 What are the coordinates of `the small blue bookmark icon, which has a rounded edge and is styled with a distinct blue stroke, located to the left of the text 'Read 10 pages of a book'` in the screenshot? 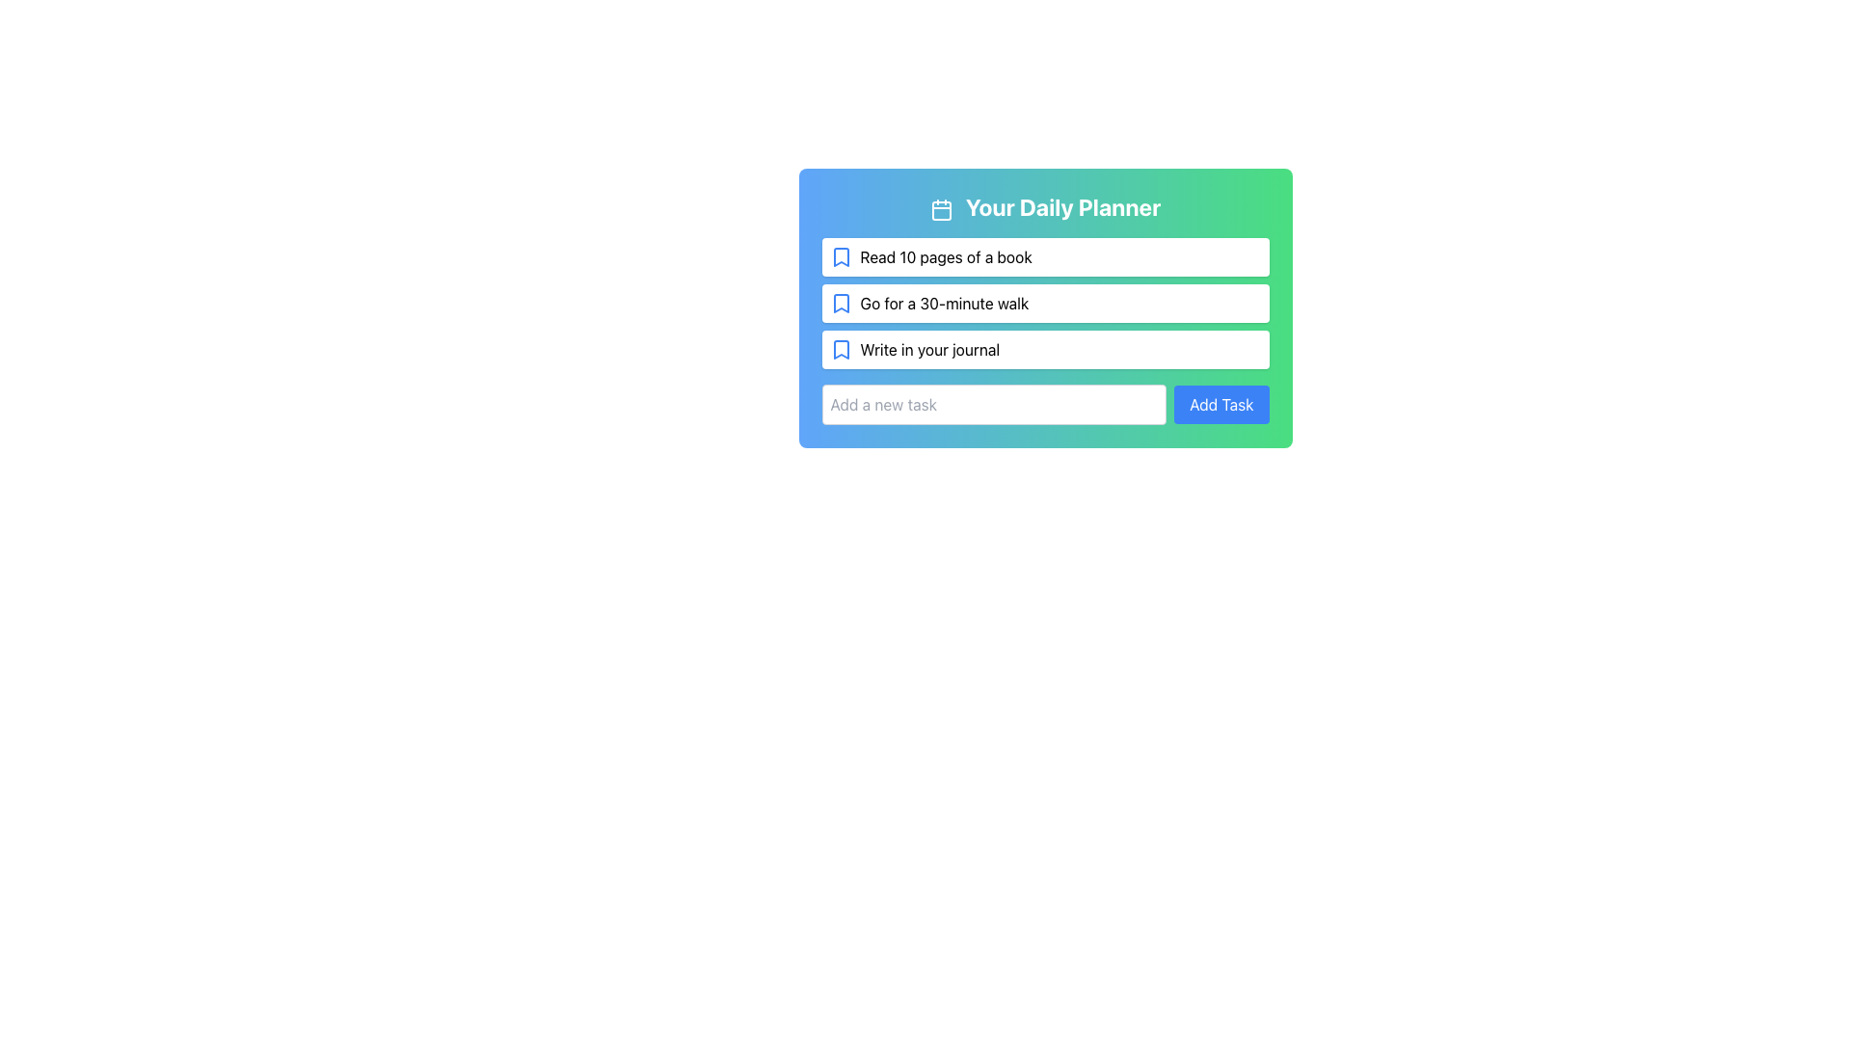 It's located at (841, 255).